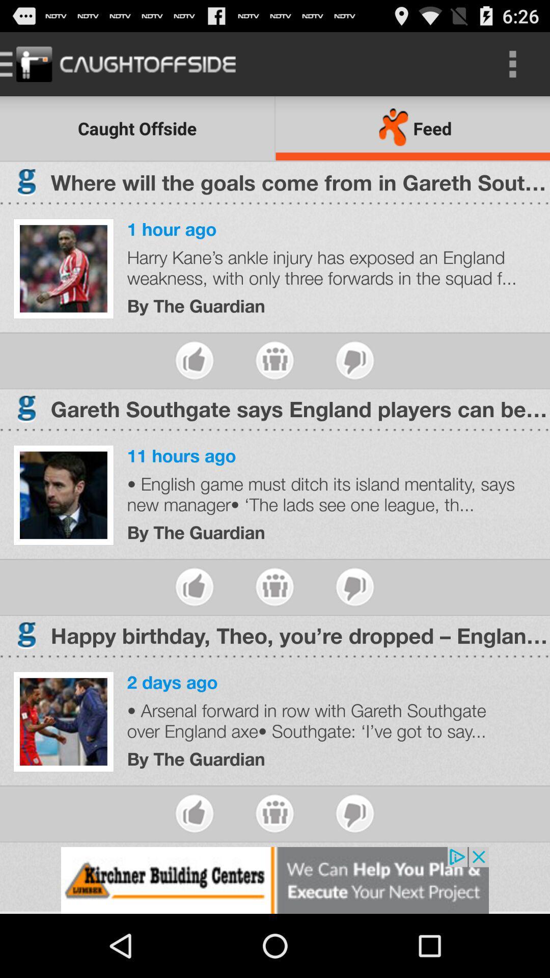  I want to click on dislike the article, so click(354, 360).